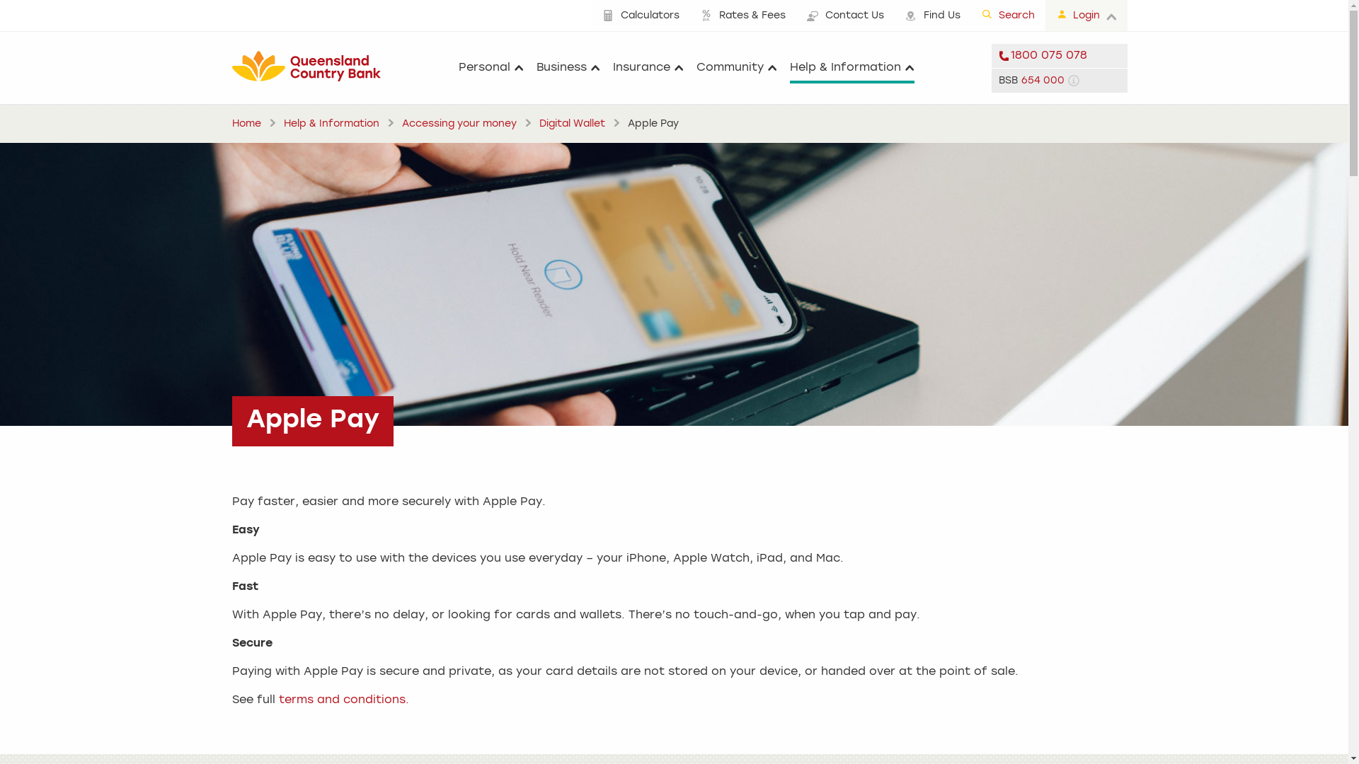 The width and height of the screenshot is (1359, 764). I want to click on 'Home', so click(246, 122).